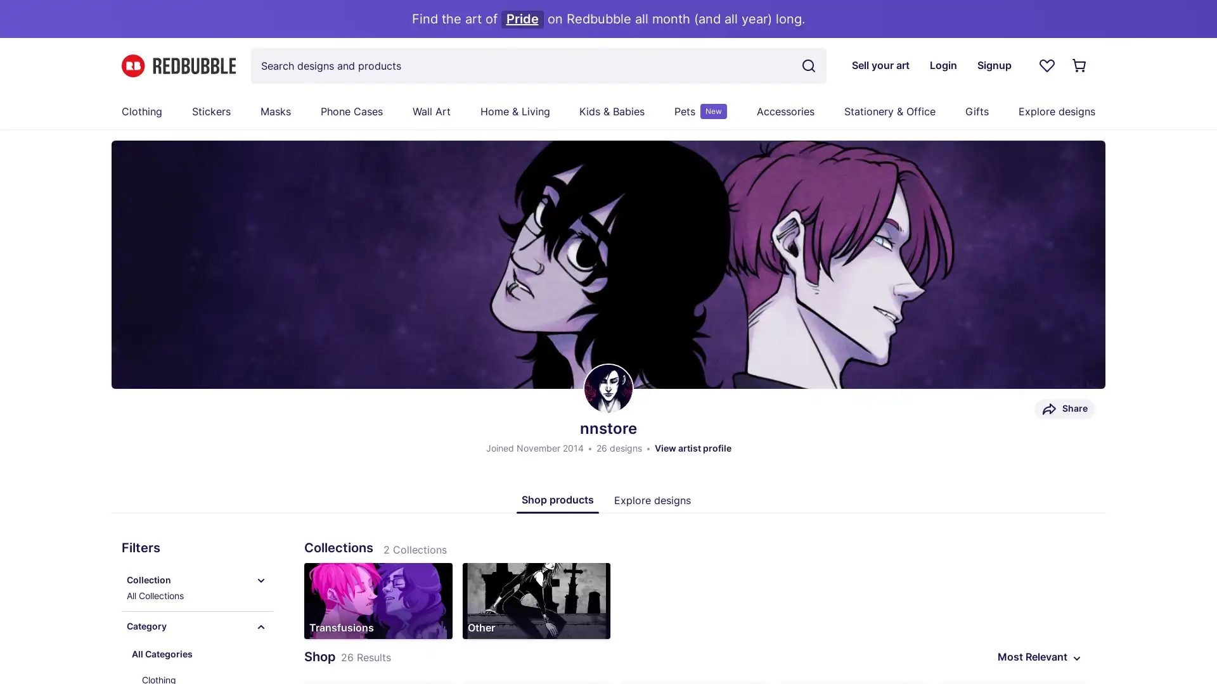 The image size is (1217, 684). What do you see at coordinates (197, 654) in the screenshot?
I see `All Categories` at bounding box center [197, 654].